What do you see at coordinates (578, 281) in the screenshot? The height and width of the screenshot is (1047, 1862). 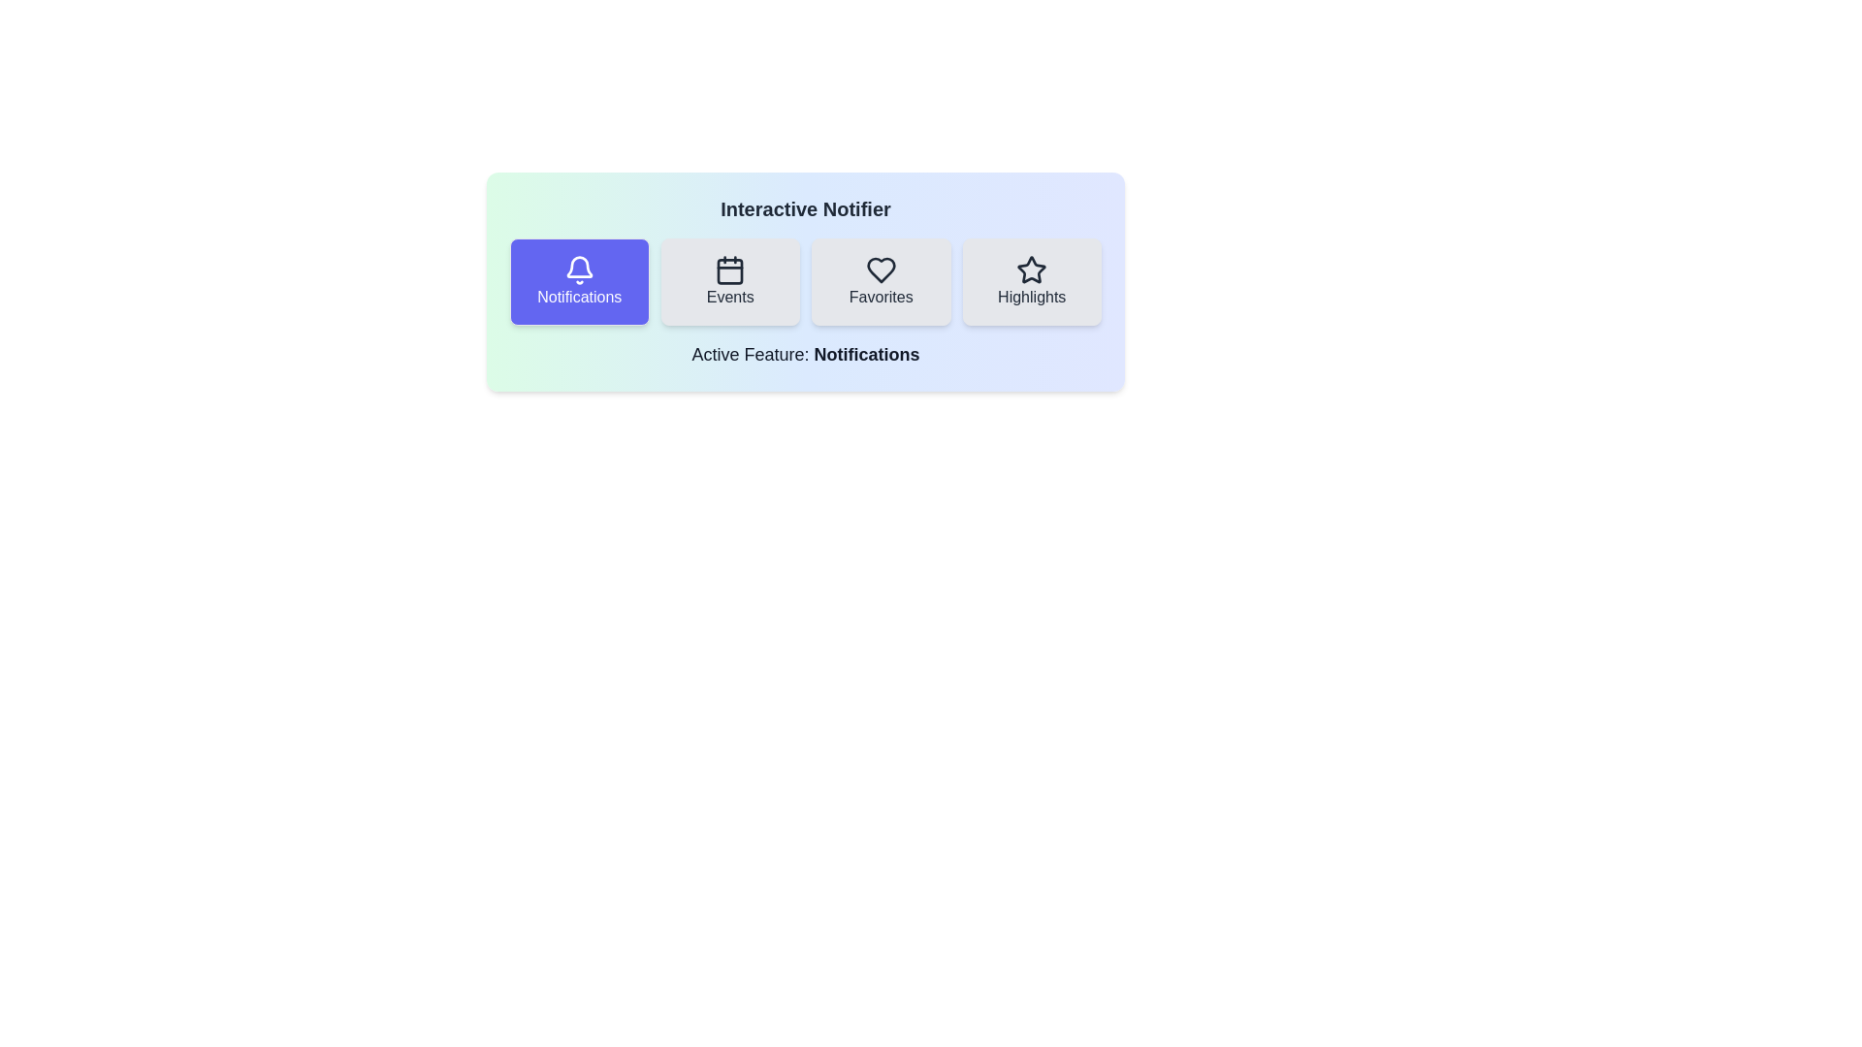 I see `the feature Notifications by clicking on its button` at bounding box center [578, 281].